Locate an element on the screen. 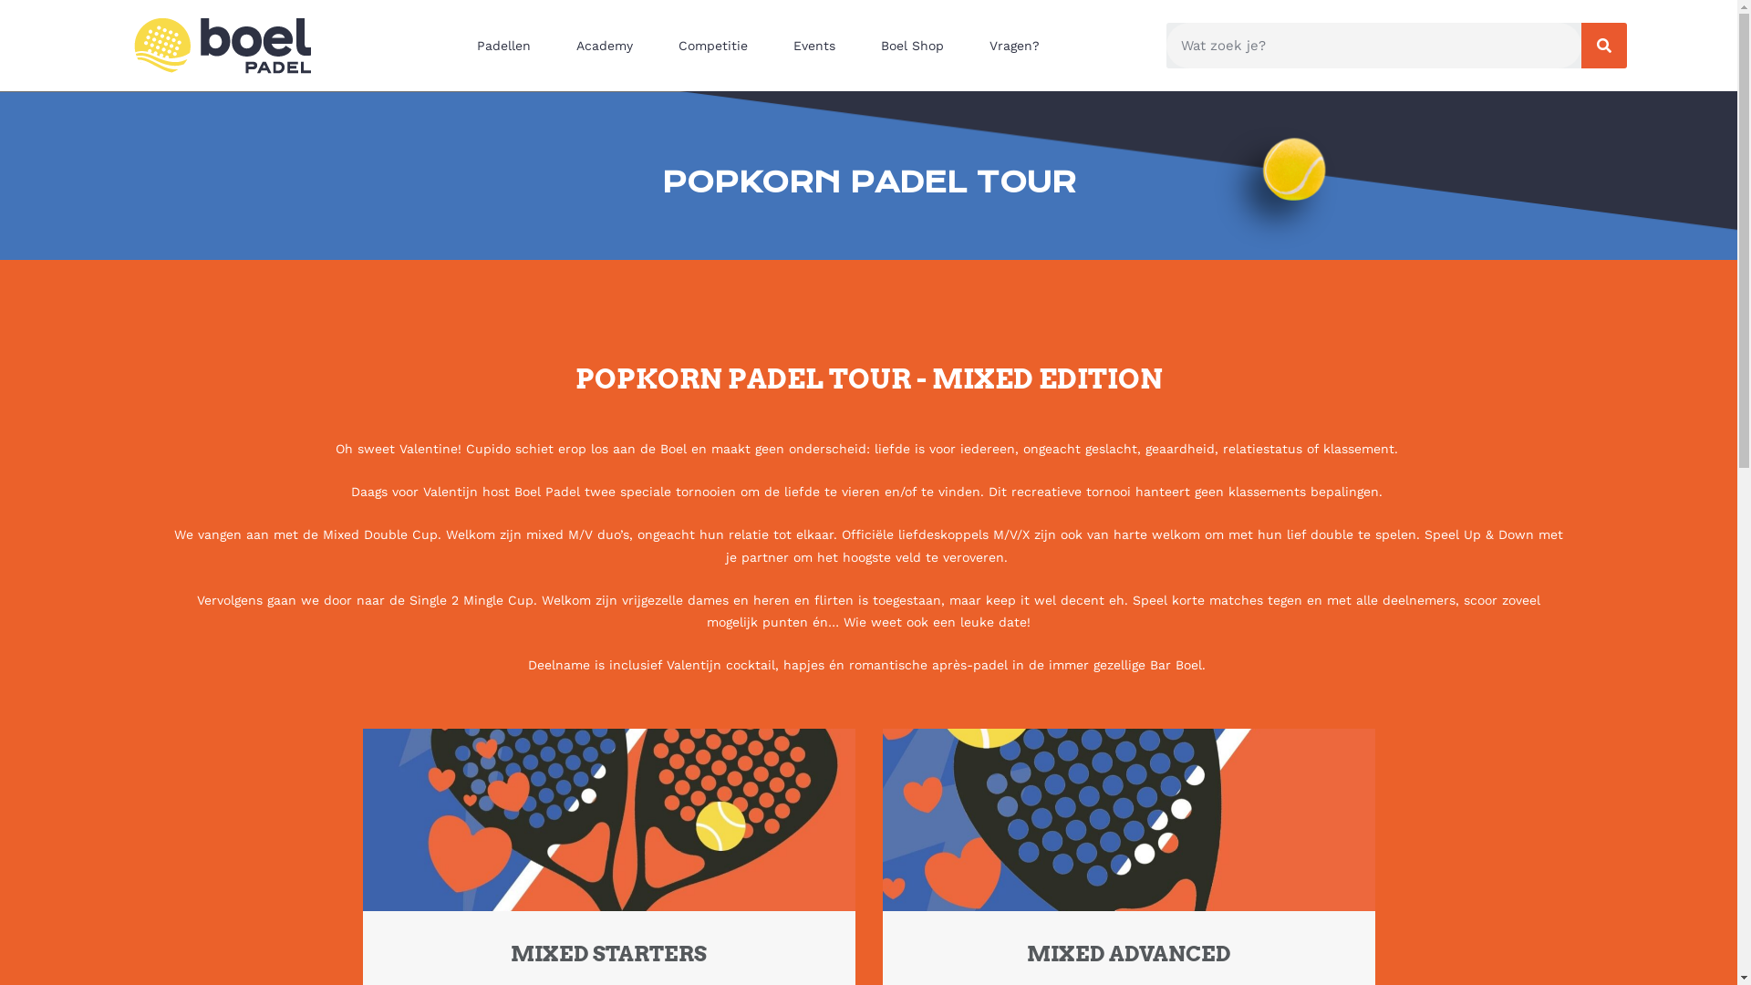 The image size is (1751, 985). 'Search' is located at coordinates (1373, 45).